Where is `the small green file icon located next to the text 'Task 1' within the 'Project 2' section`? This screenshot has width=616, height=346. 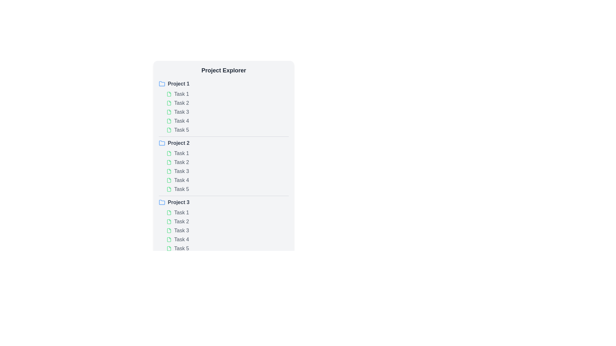
the small green file icon located next to the text 'Task 1' within the 'Project 2' section is located at coordinates (169, 153).